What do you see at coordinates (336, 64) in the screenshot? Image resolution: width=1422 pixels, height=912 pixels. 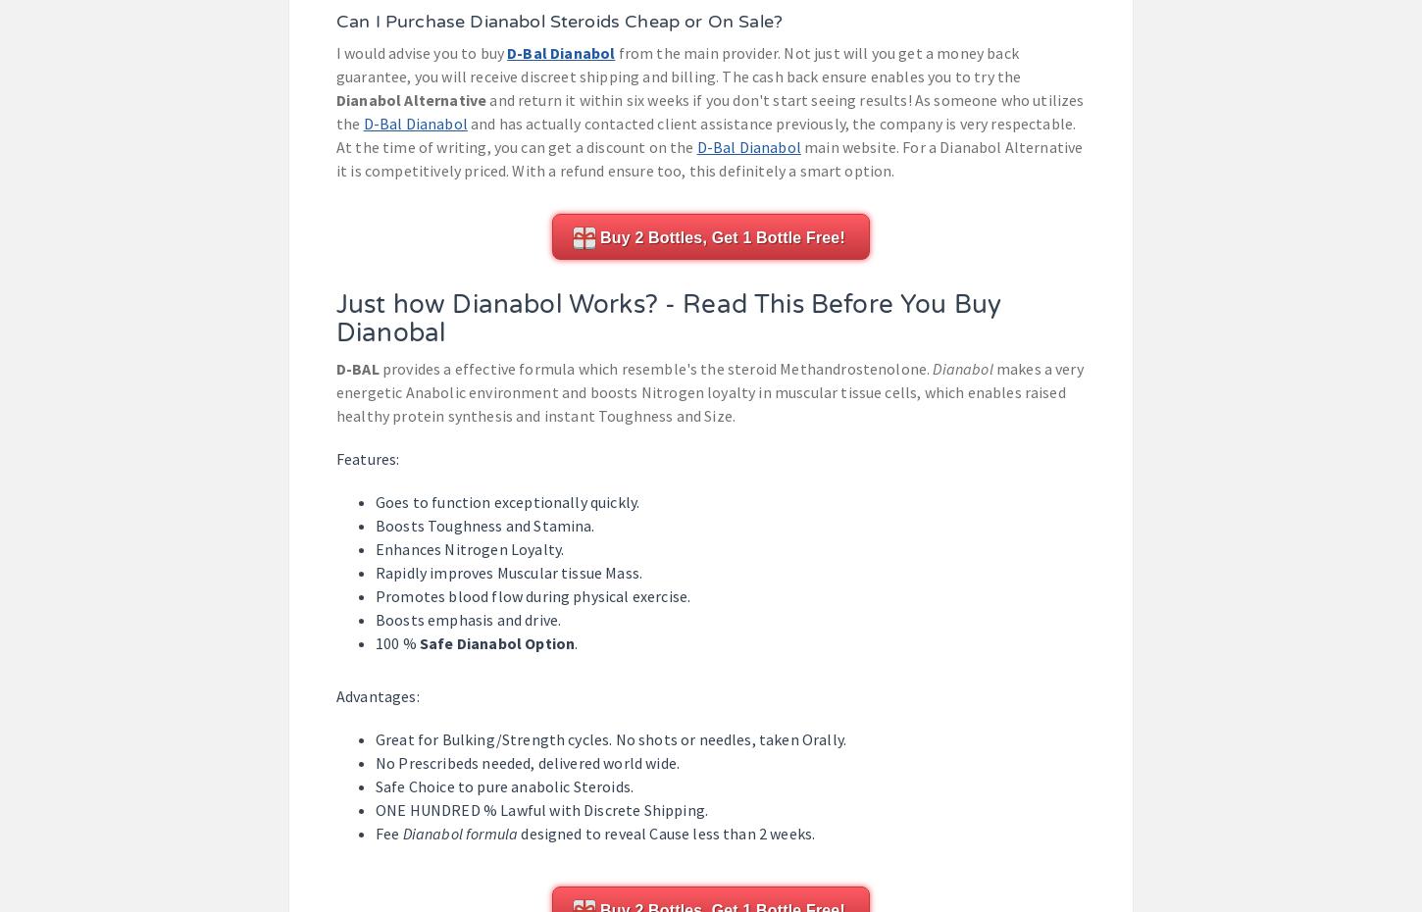 I see `'from the main provider. Not just will you get a money back guarantee, you will receive discreet shipping and billing. The cash back ensure enables you to try the'` at bounding box center [336, 64].